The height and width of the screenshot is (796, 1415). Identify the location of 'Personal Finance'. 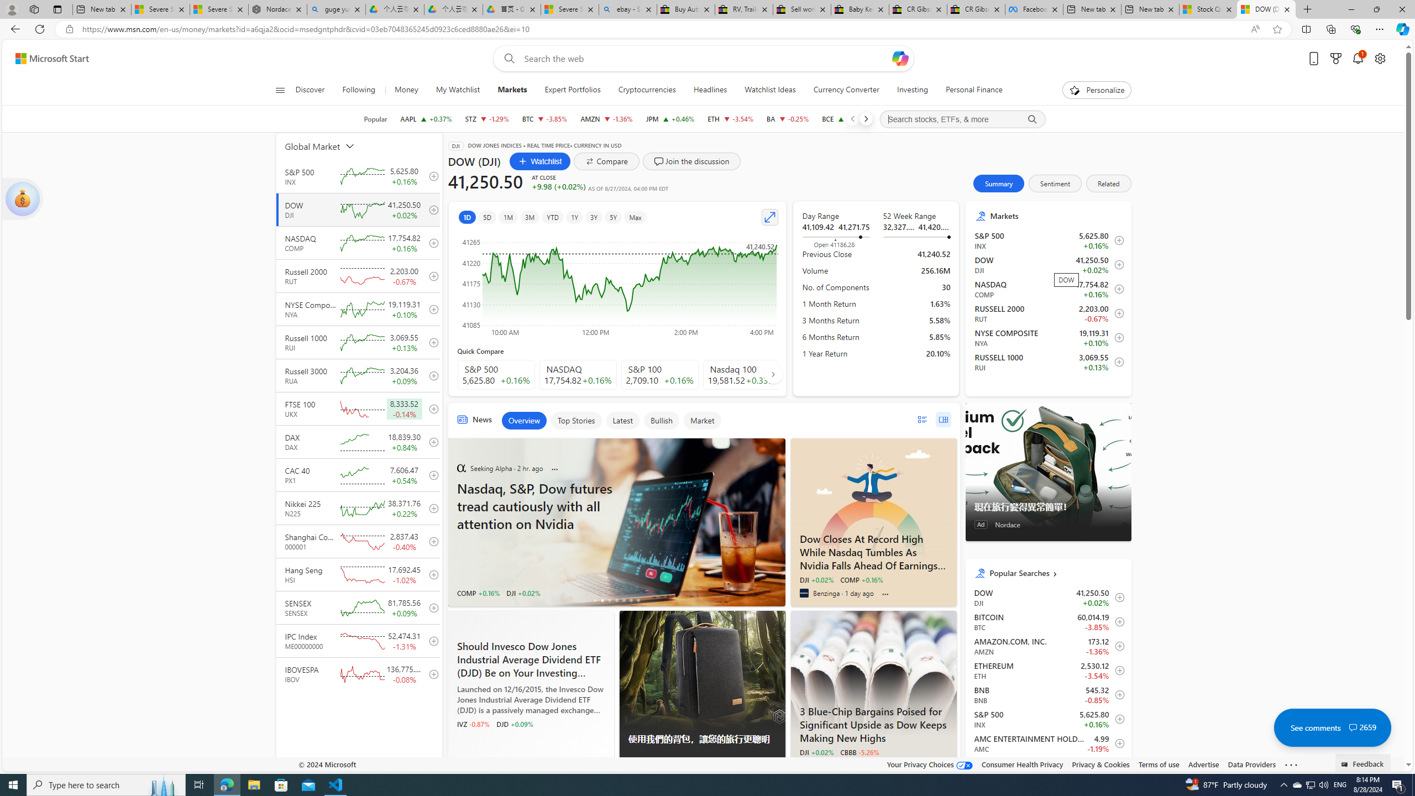
(969, 90).